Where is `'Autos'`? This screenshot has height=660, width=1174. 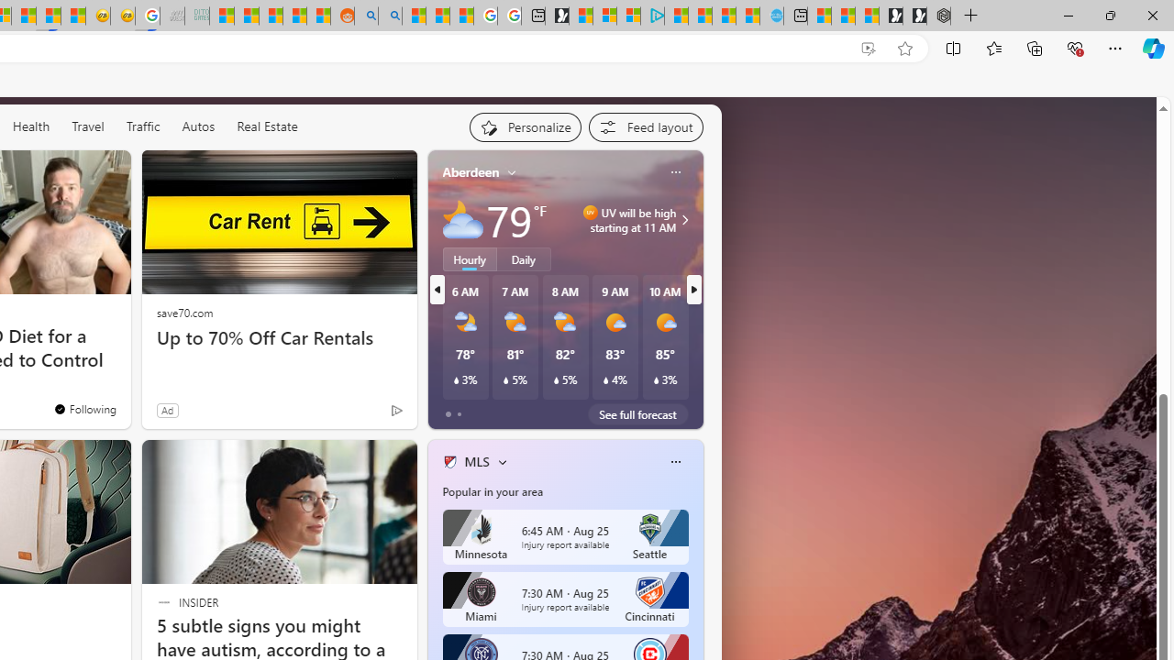
'Autos' is located at coordinates (198, 126).